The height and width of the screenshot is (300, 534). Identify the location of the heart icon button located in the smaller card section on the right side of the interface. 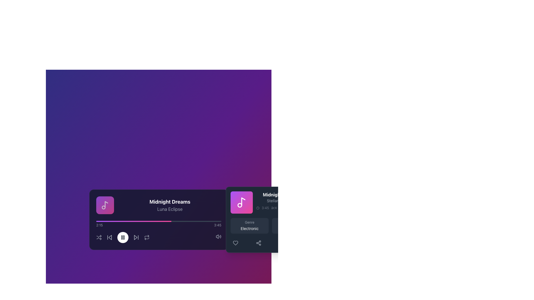
(235, 243).